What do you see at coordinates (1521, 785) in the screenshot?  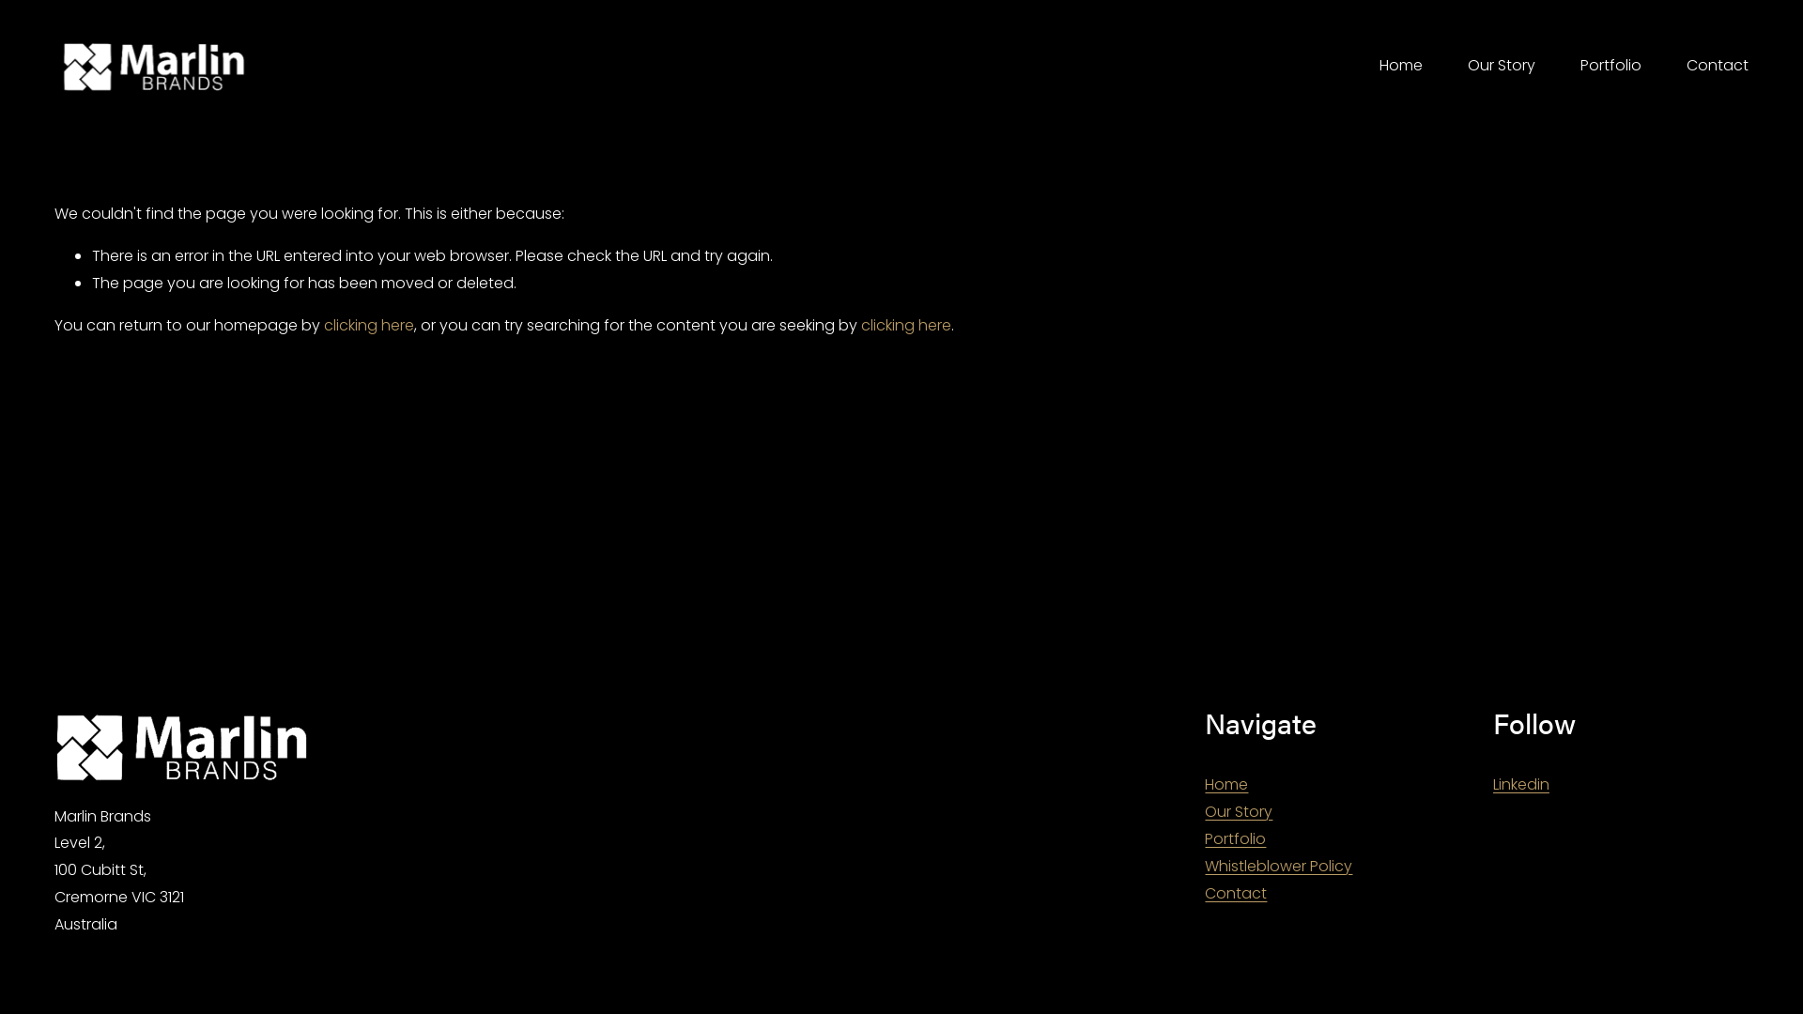 I see `'Linkedin'` at bounding box center [1521, 785].